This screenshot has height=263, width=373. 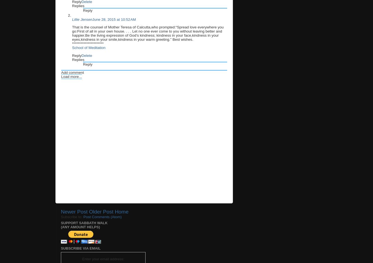 I want to click on 'Home', so click(x=121, y=211).